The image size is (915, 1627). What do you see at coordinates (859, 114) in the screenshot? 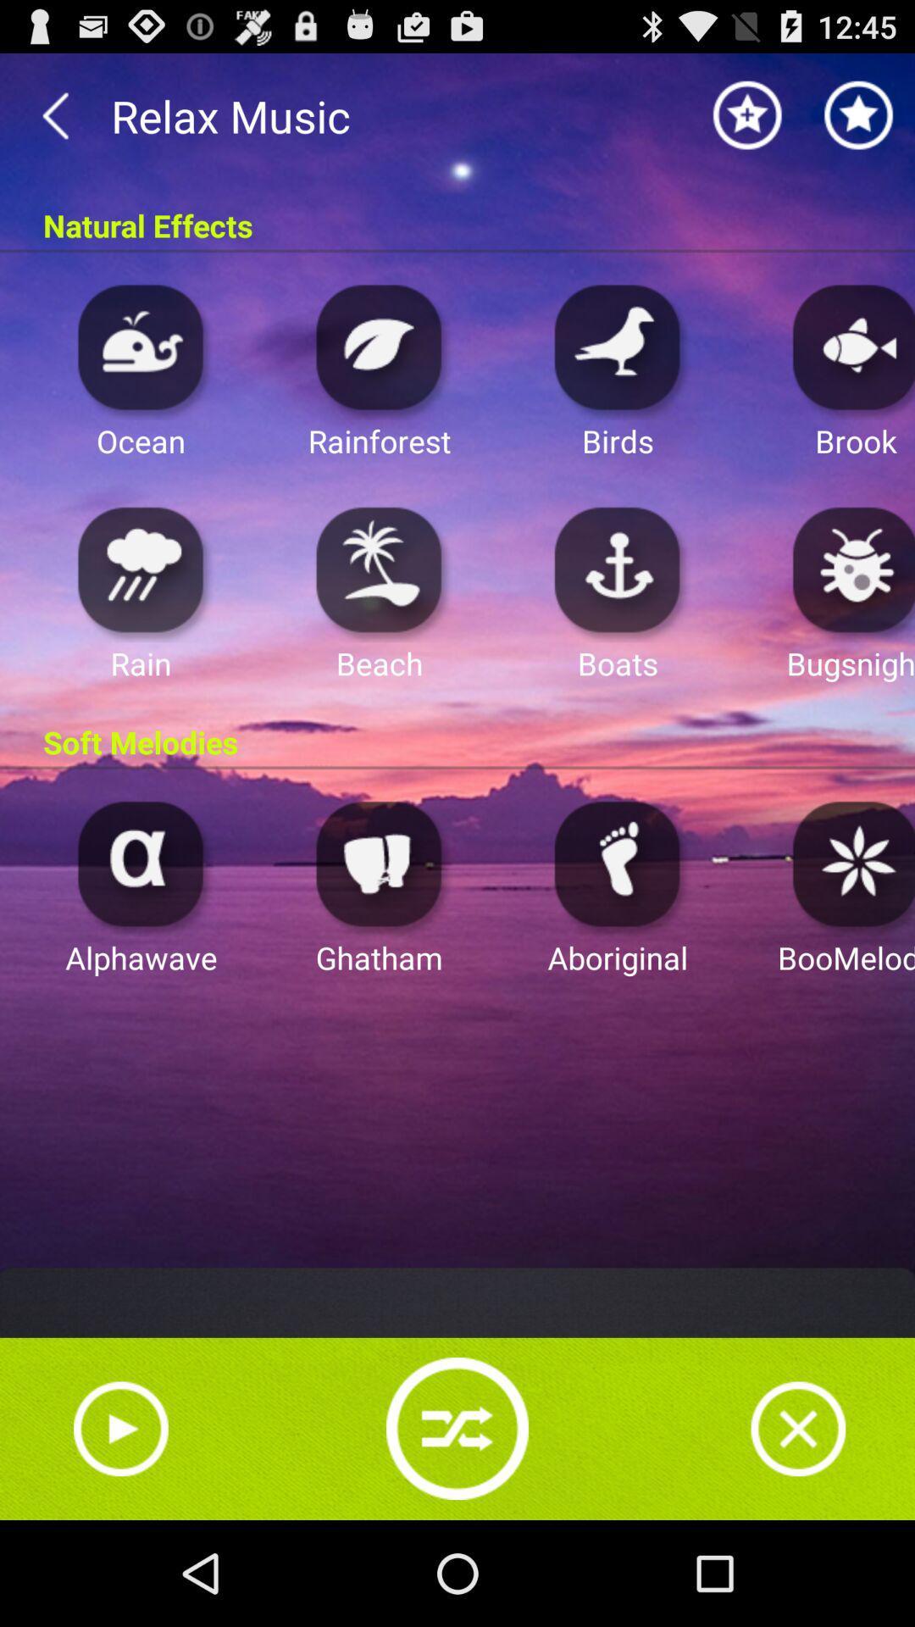
I see `favourites` at bounding box center [859, 114].